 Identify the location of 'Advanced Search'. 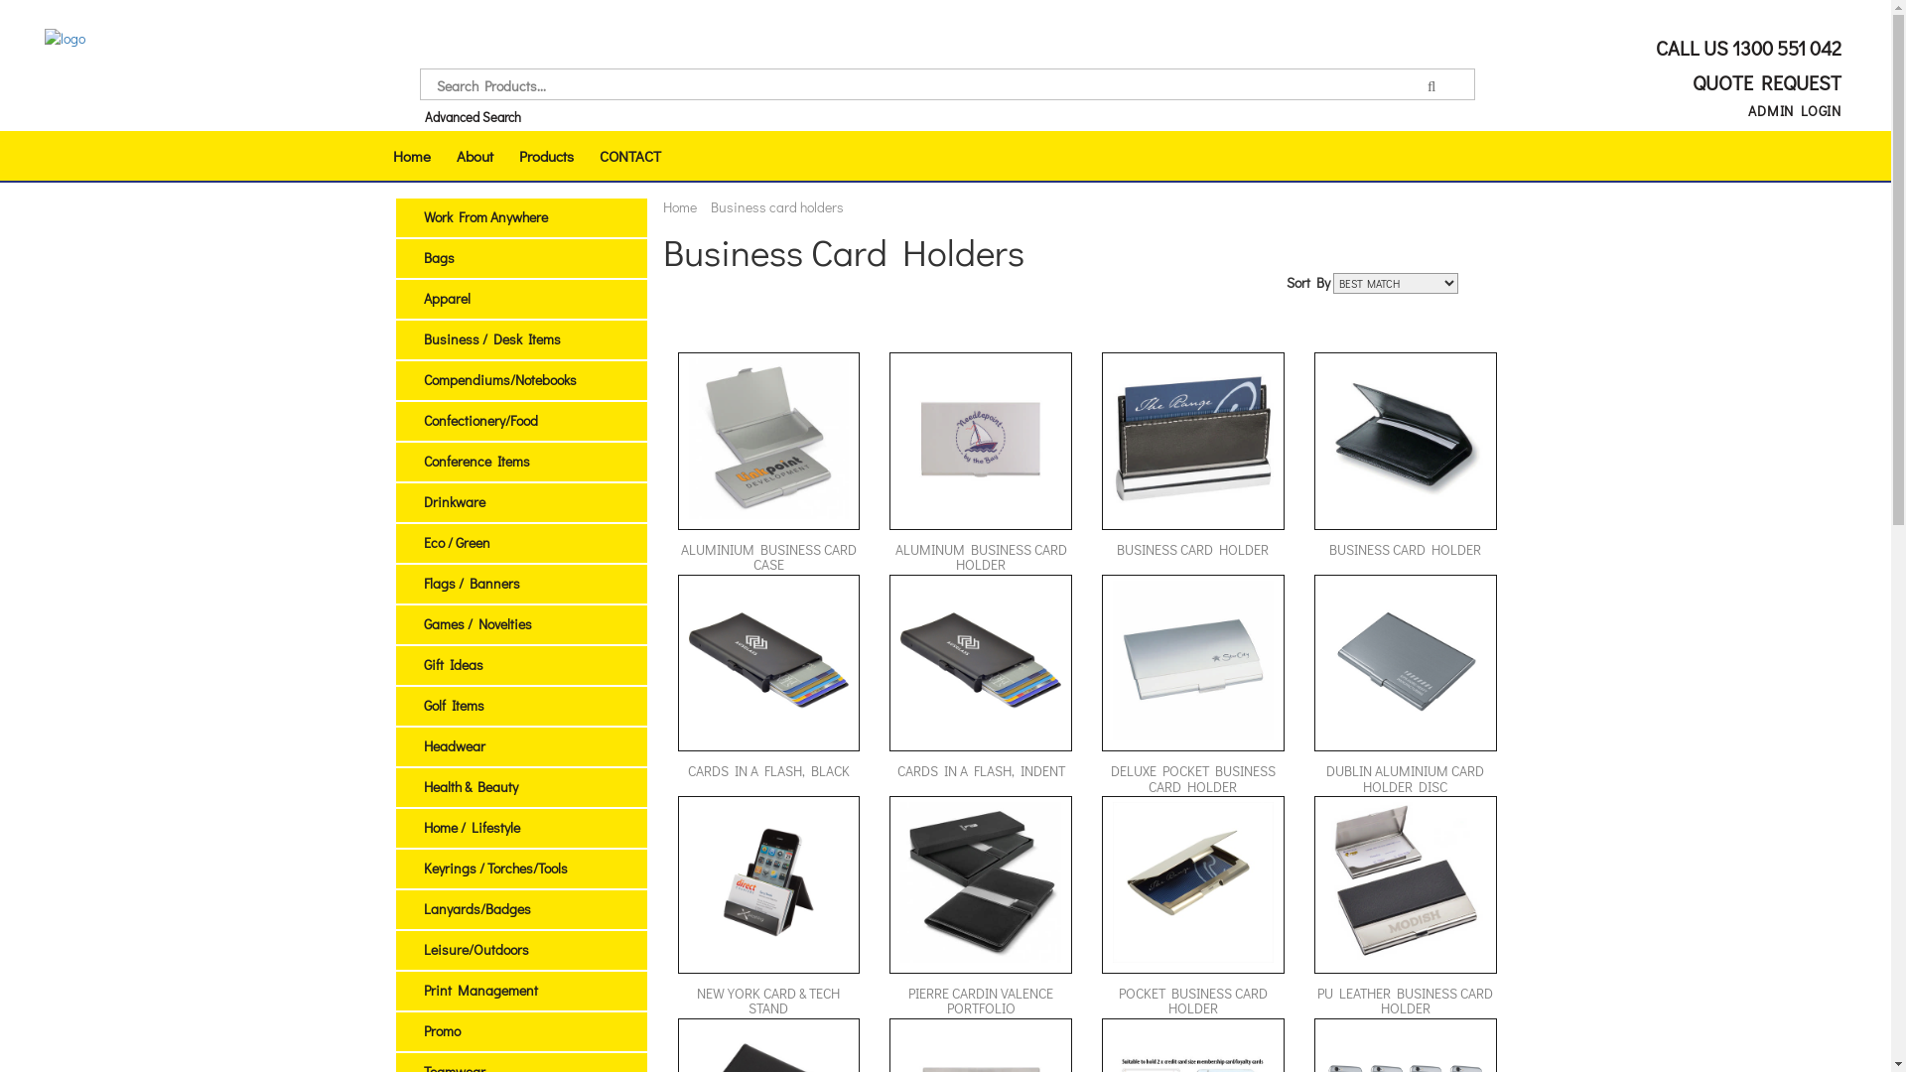
(423, 116).